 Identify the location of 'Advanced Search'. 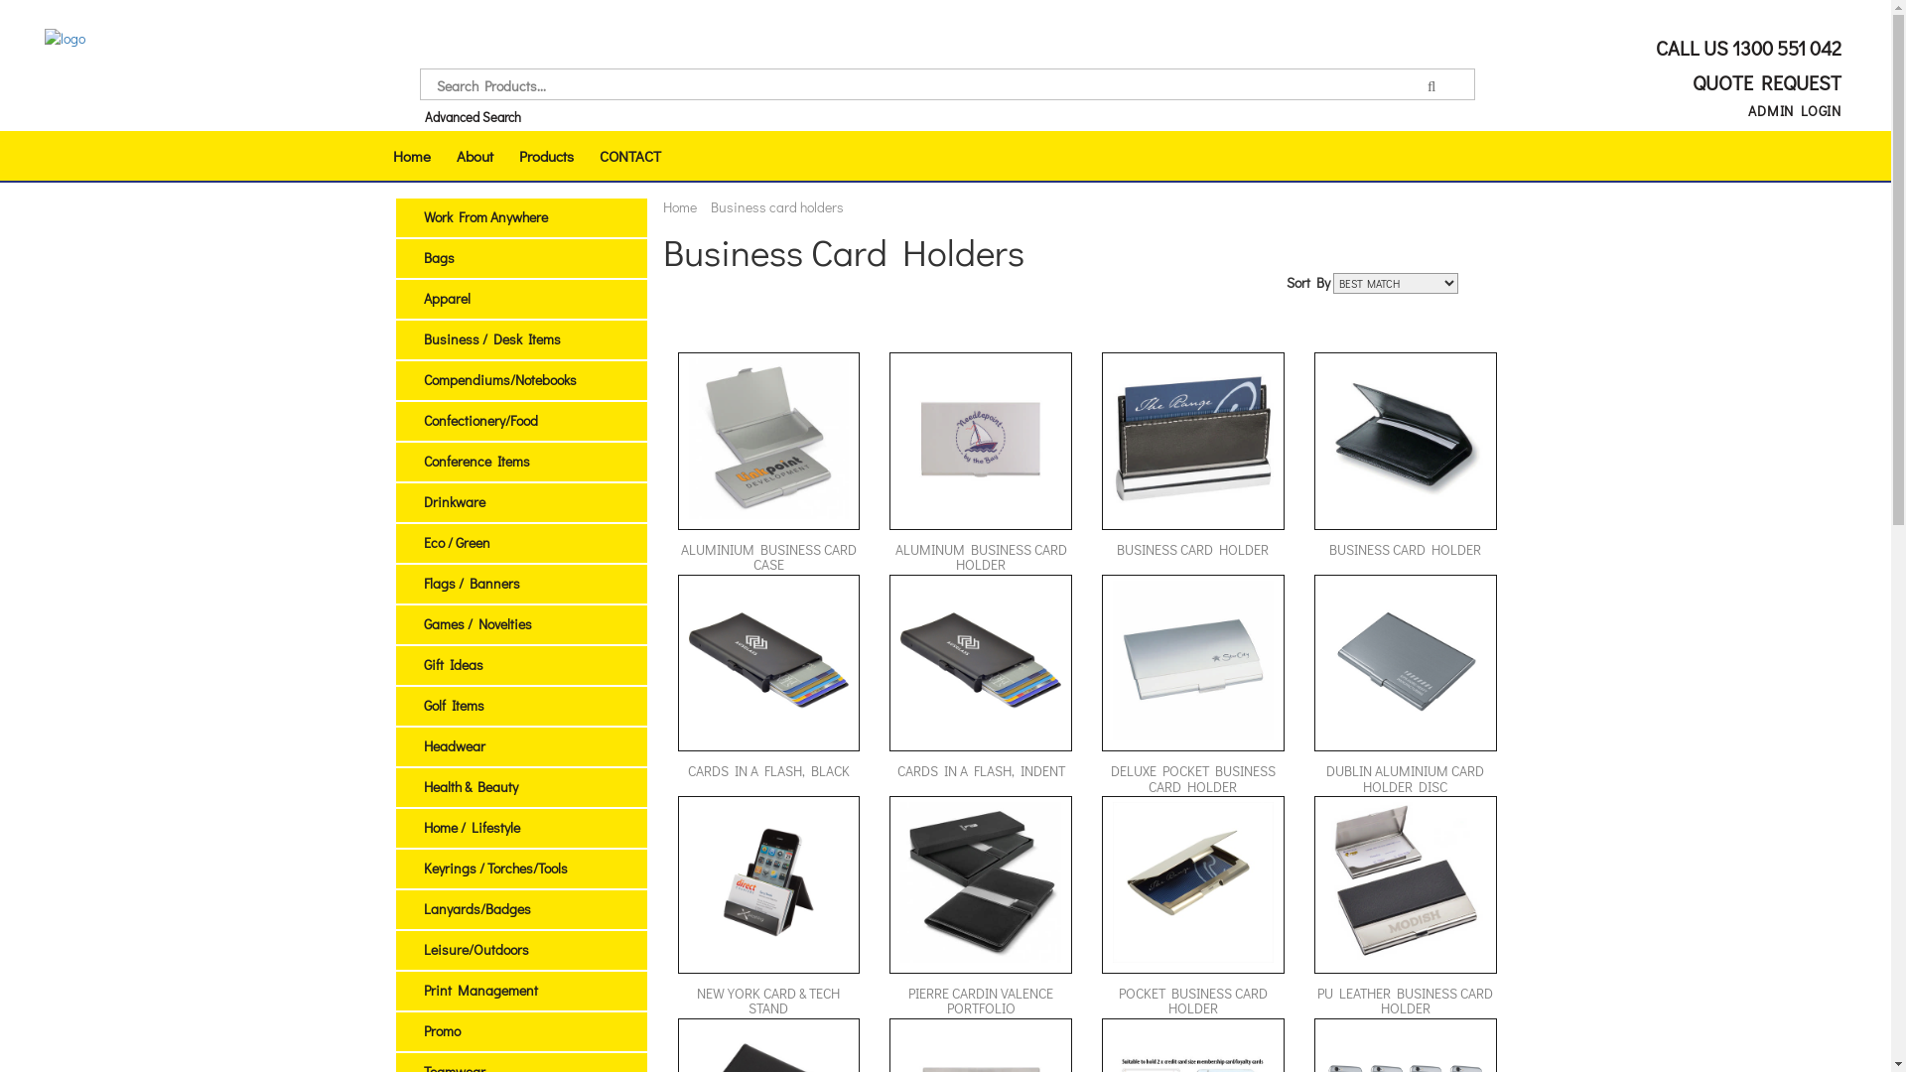
(423, 116).